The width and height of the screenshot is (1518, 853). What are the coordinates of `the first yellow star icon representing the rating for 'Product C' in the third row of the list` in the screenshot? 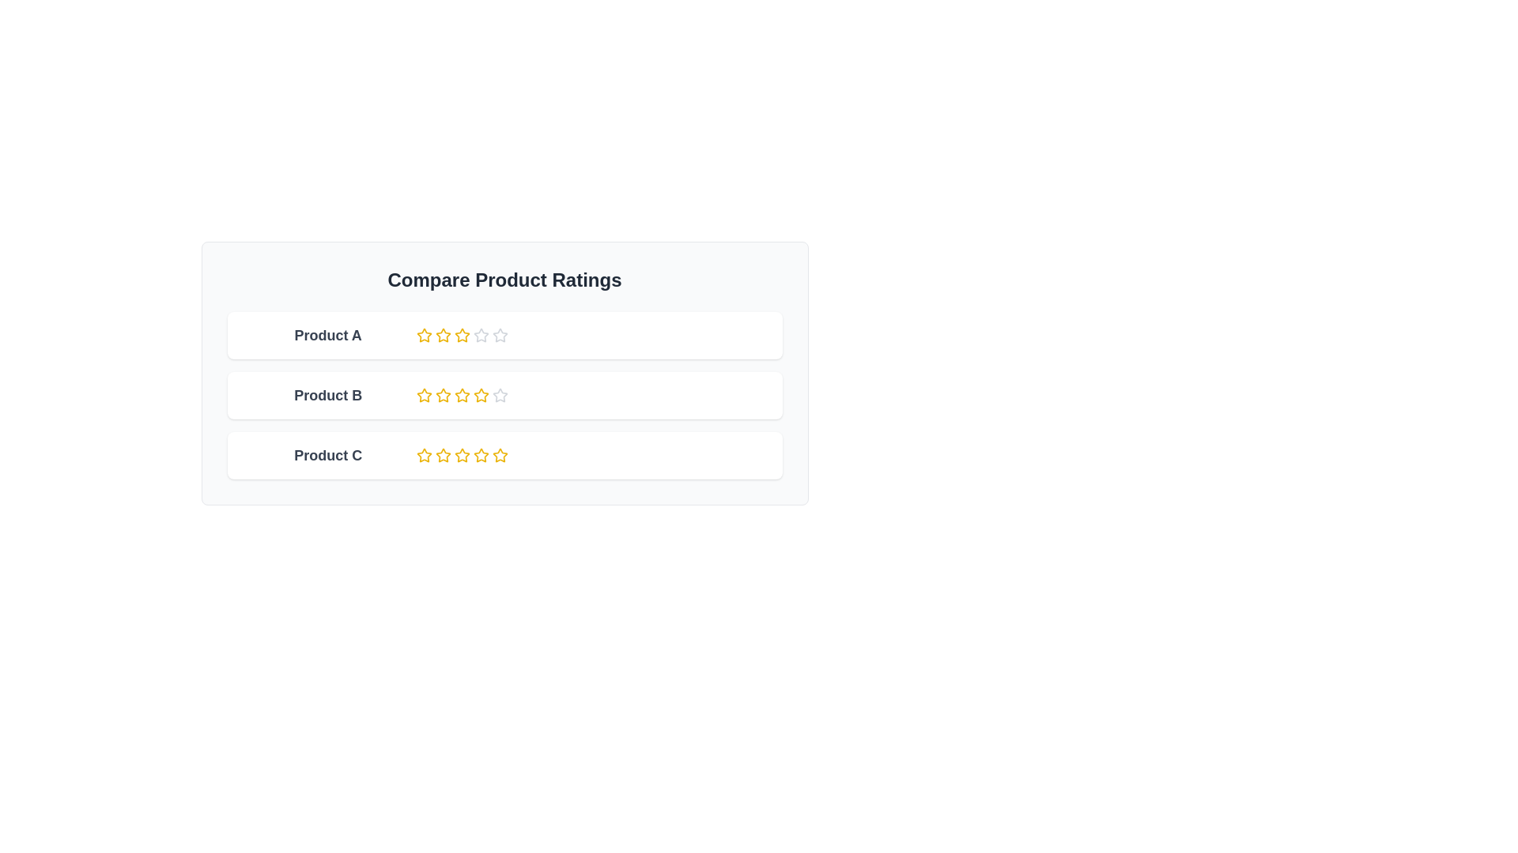 It's located at (424, 456).